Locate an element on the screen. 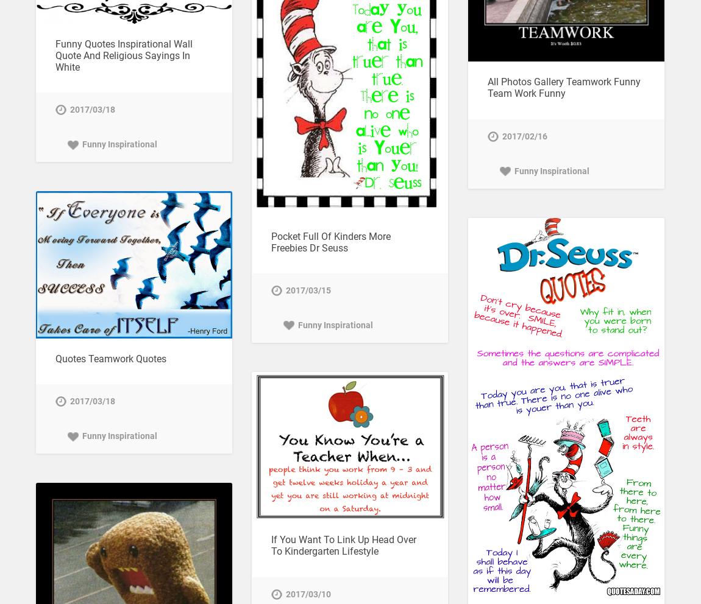  'All Photos Gallery  Teamwork Funny Team Work Funny' is located at coordinates (563, 88).